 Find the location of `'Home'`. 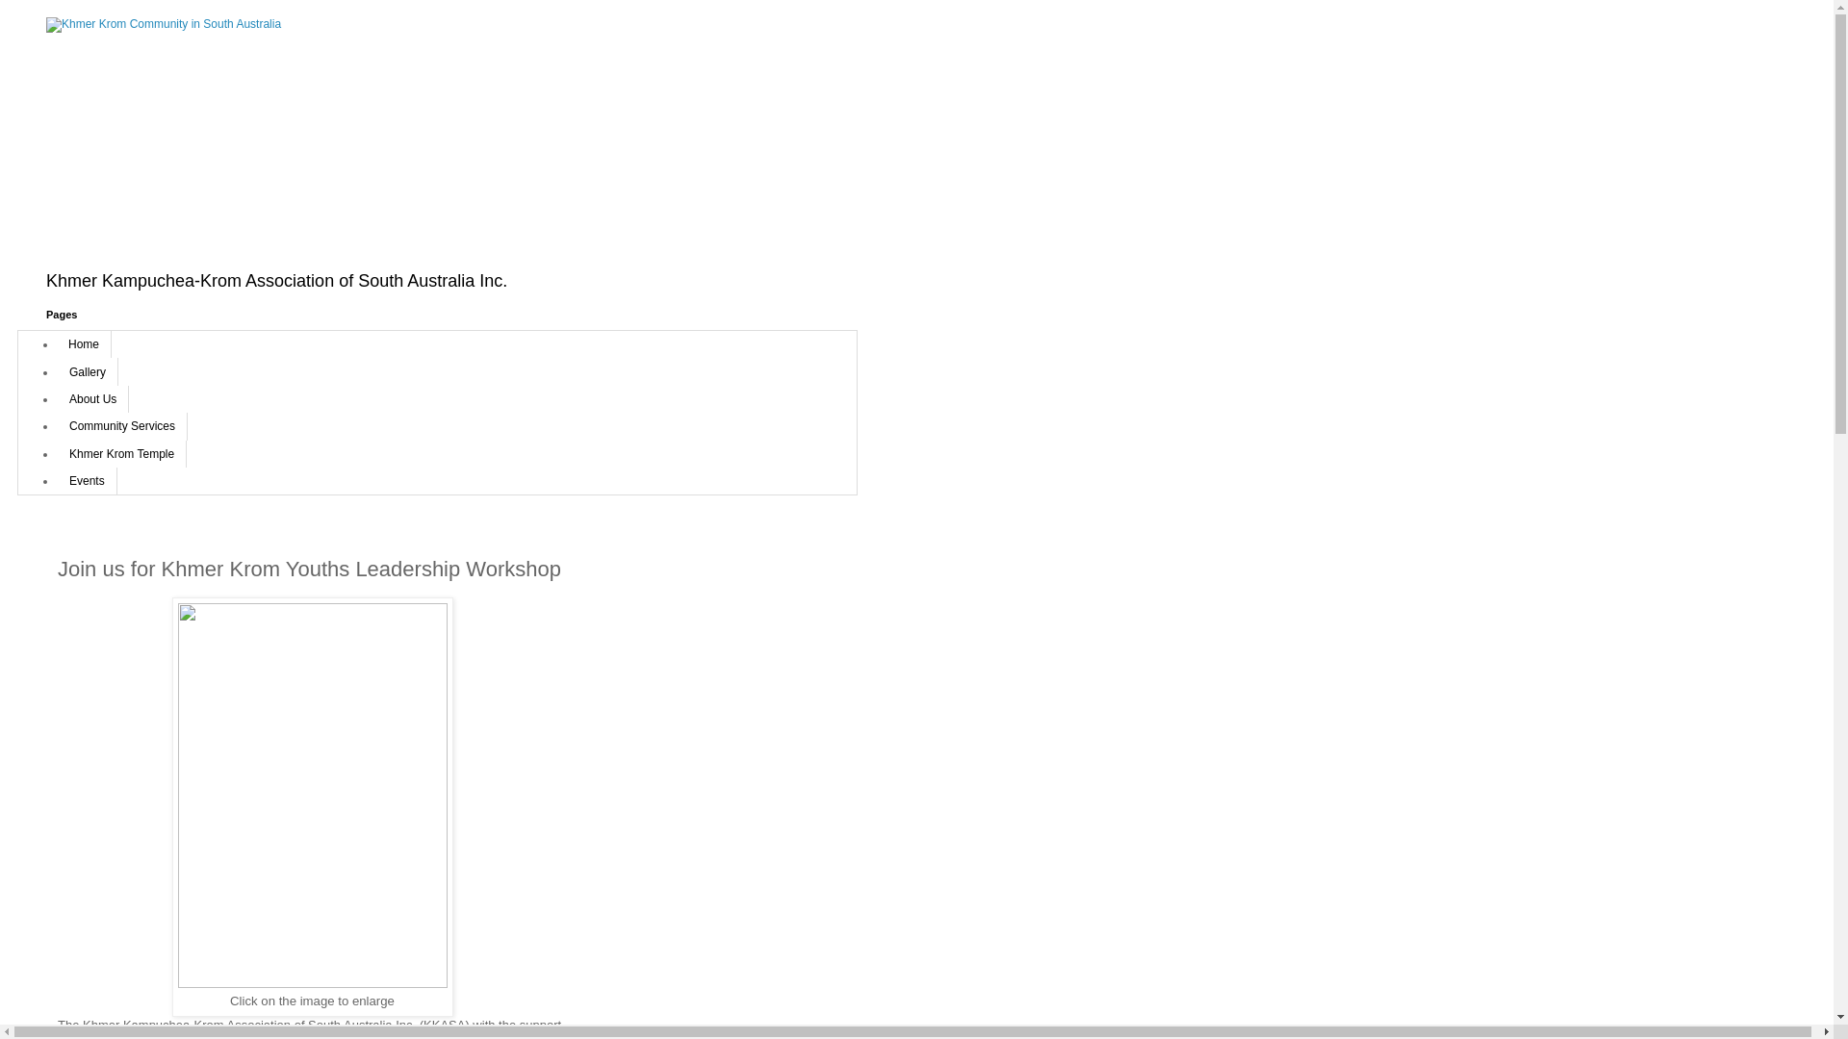

'Home' is located at coordinates (83, 343).